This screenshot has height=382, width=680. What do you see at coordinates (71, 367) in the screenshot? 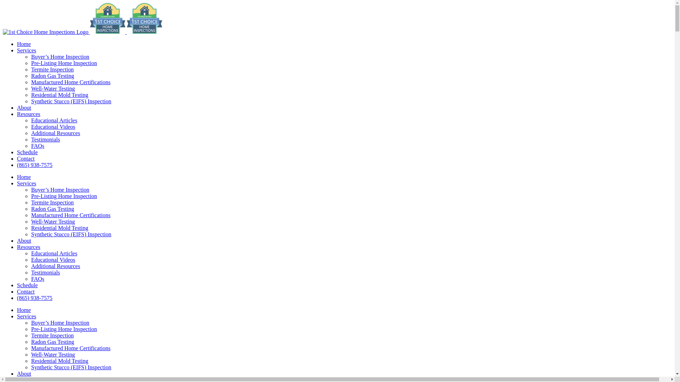
I see `'Synthetic Stucco (EIFS) Inspection'` at bounding box center [71, 367].